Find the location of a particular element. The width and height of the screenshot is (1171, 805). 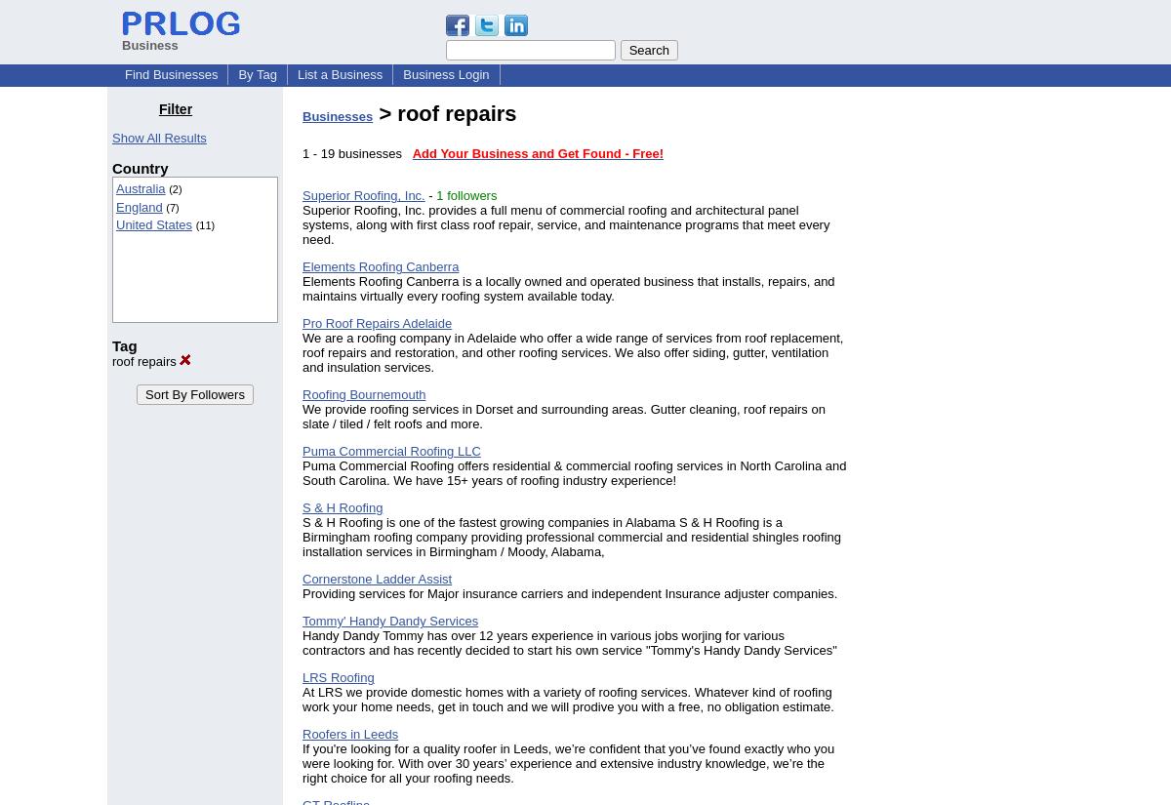

'Elements Roofing Canberra' is located at coordinates (381, 265).